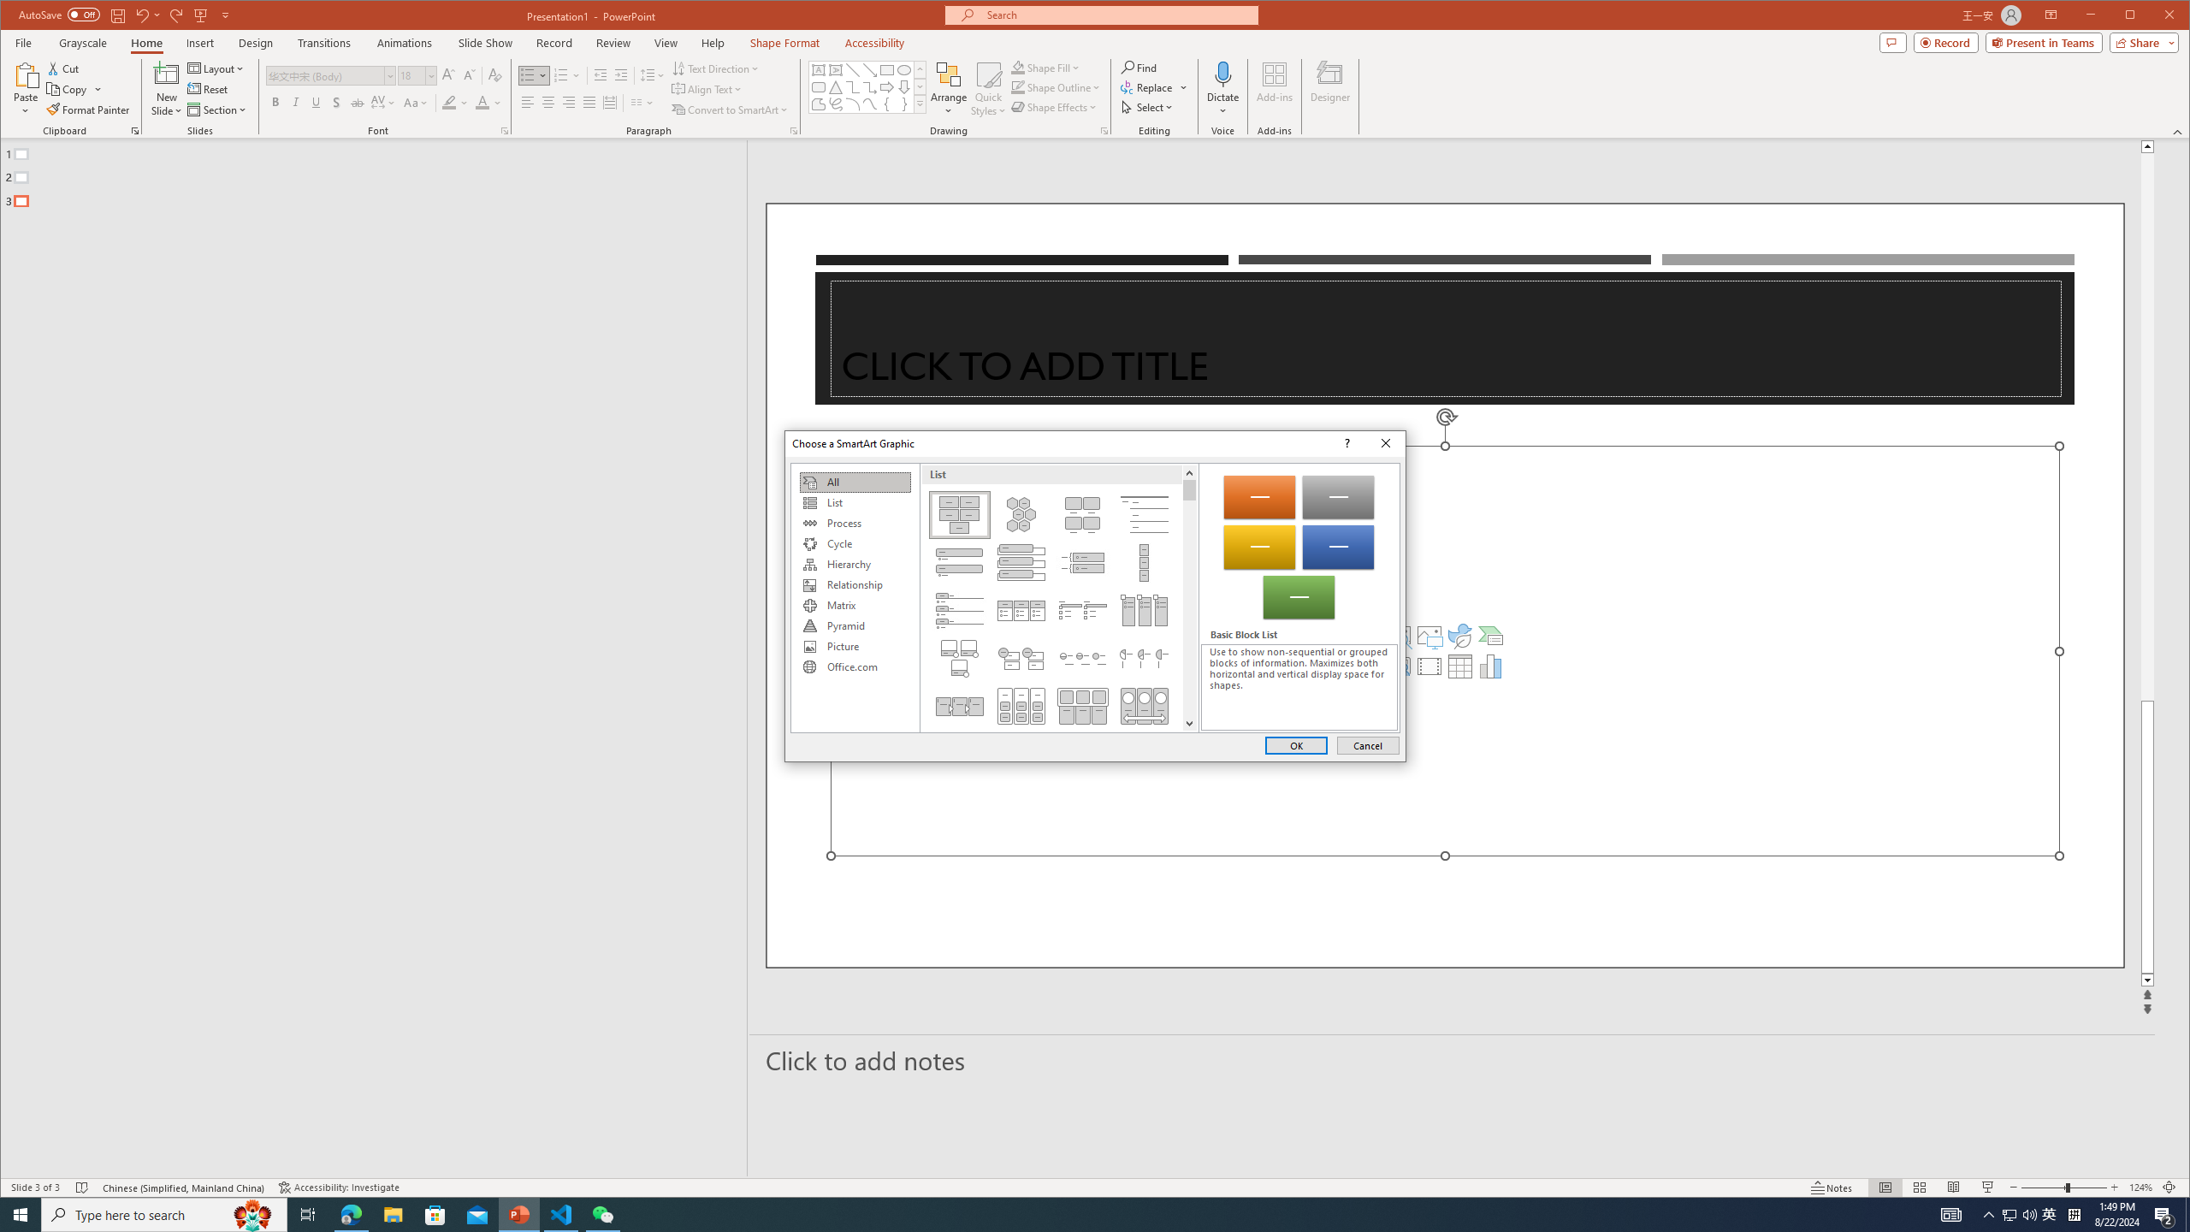 The image size is (2190, 1232). What do you see at coordinates (620, 74) in the screenshot?
I see `'Increase Indent'` at bounding box center [620, 74].